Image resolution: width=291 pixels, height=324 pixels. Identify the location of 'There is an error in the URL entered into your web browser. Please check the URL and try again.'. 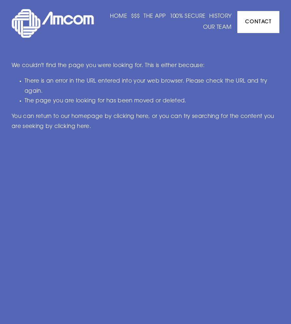
(145, 86).